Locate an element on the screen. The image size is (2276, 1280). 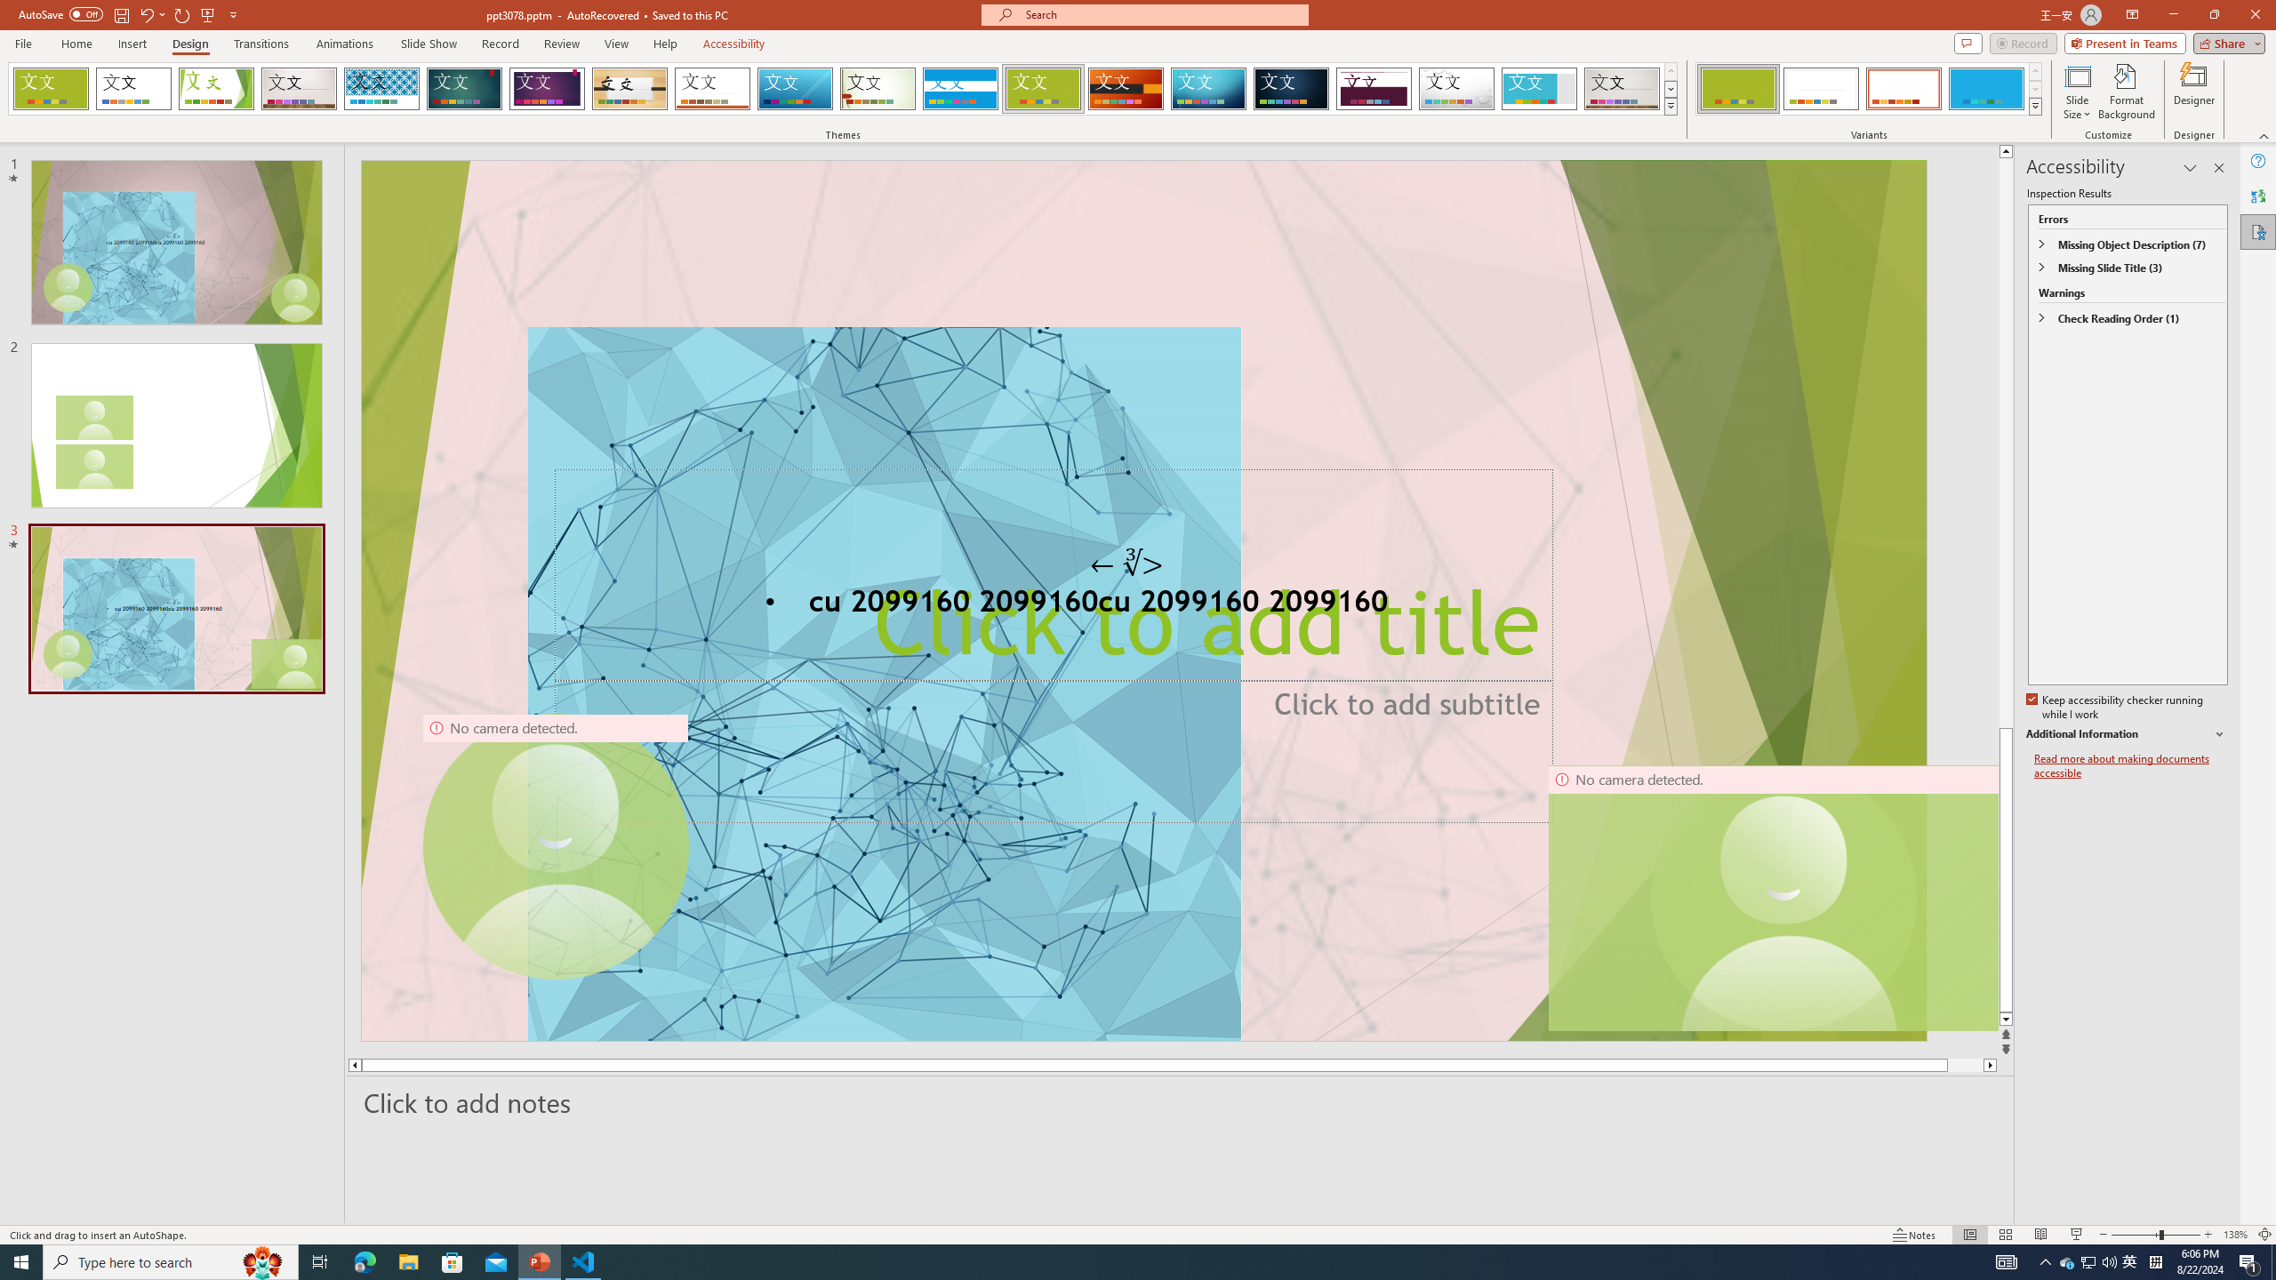
'Basis Variant 2' is located at coordinates (1820, 88).